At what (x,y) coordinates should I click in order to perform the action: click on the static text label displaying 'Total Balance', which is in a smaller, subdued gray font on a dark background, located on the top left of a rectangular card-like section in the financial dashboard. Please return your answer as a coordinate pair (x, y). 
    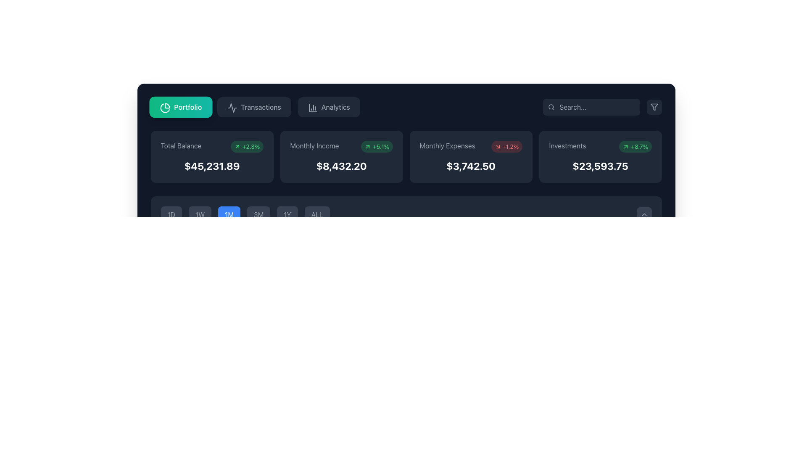
    Looking at the image, I should click on (180, 145).